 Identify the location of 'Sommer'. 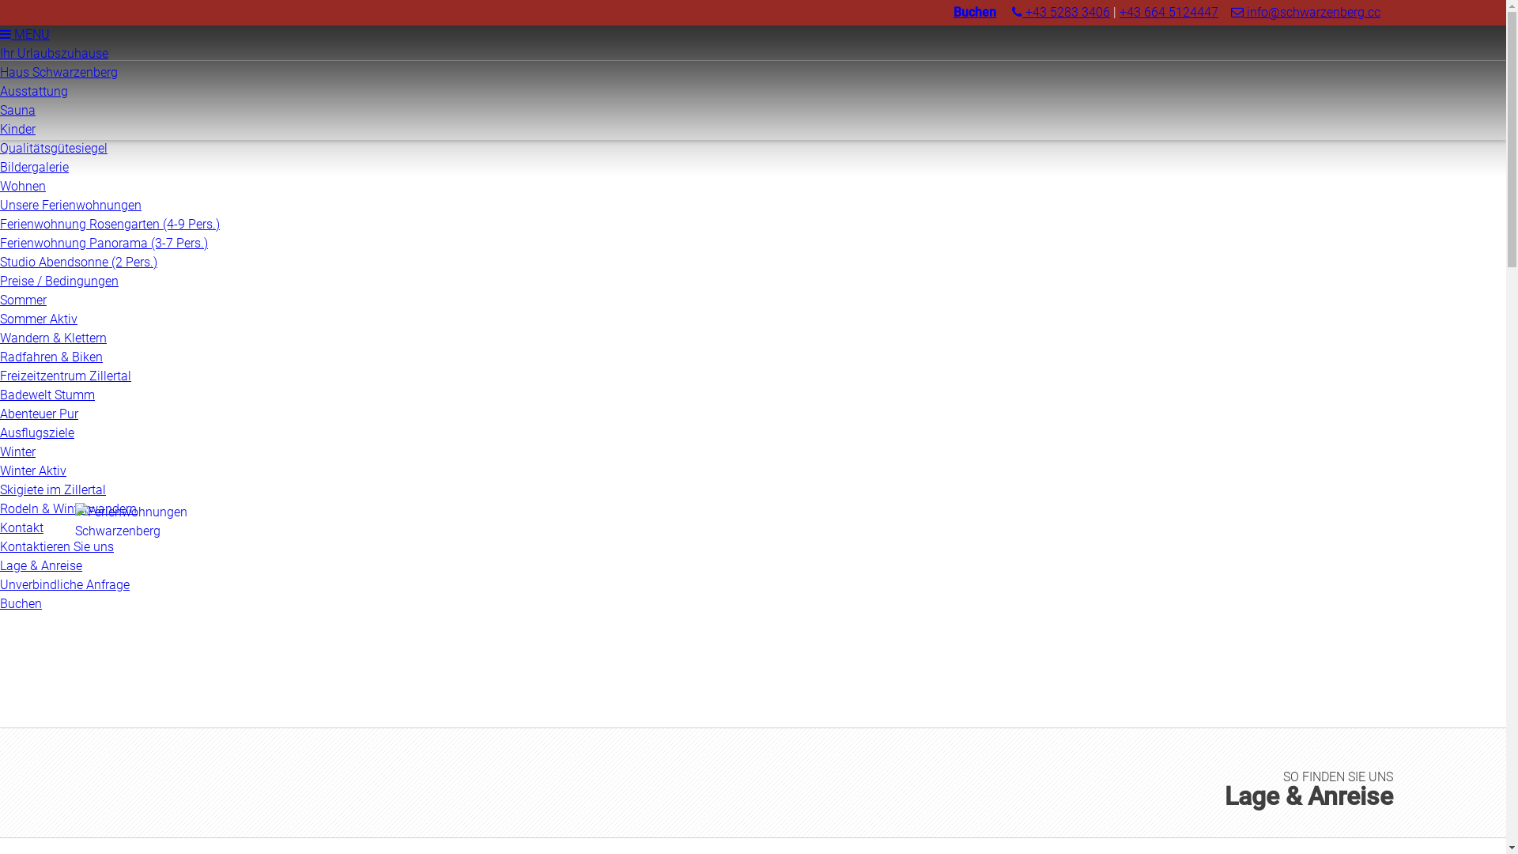
(23, 300).